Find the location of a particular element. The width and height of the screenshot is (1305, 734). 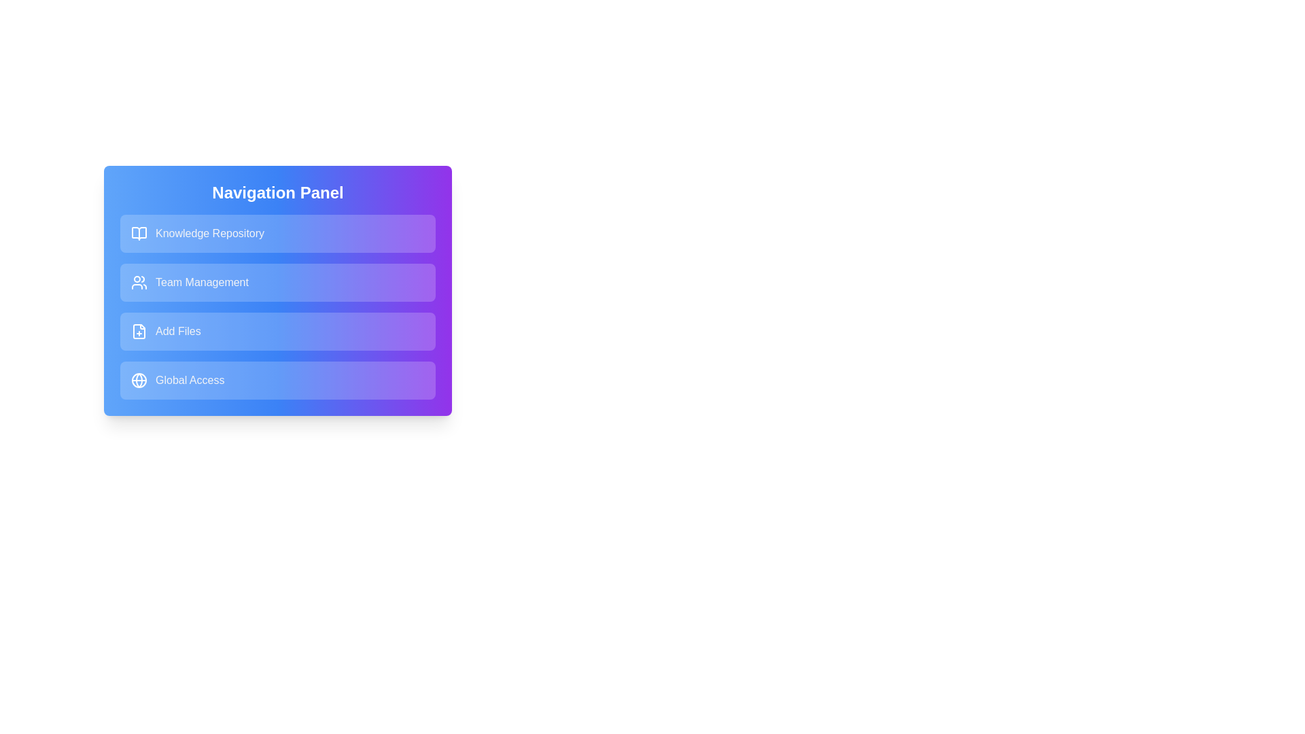

the navigation item labeled 'Knowledge Repository' is located at coordinates (277, 232).